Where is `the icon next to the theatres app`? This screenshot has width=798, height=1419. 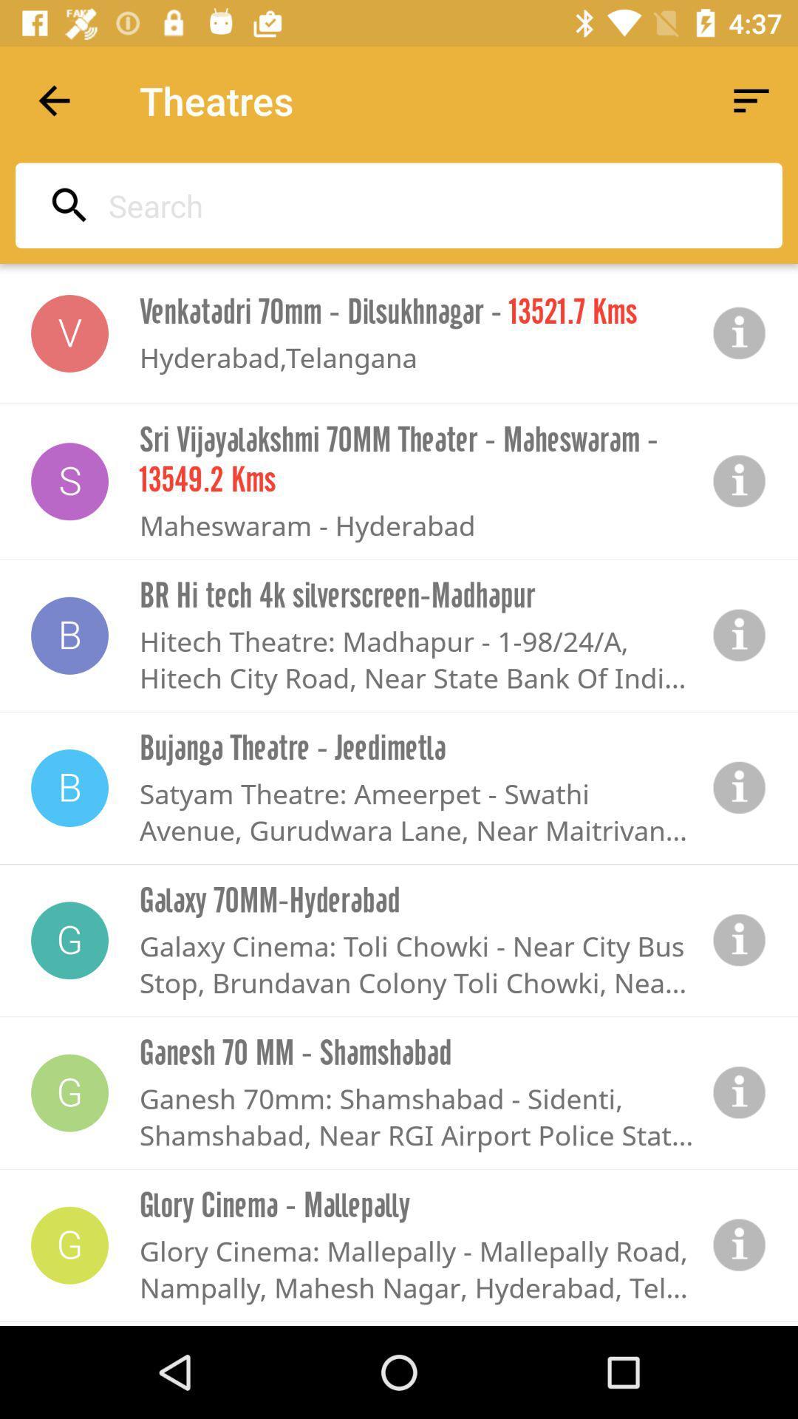
the icon next to the theatres app is located at coordinates (751, 100).